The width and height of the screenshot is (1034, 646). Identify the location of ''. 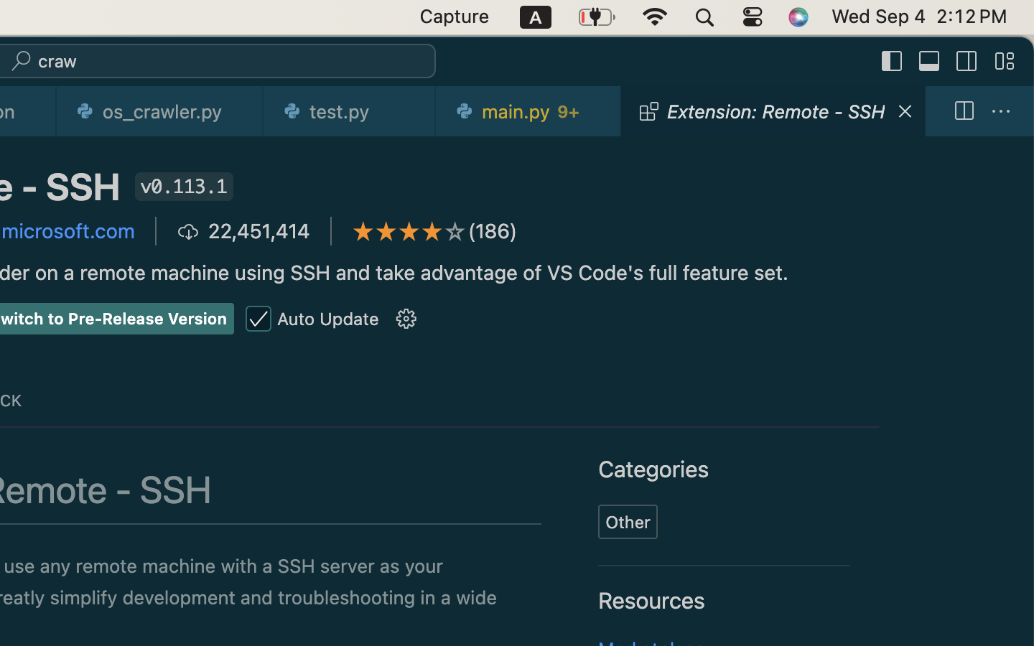
(406, 319).